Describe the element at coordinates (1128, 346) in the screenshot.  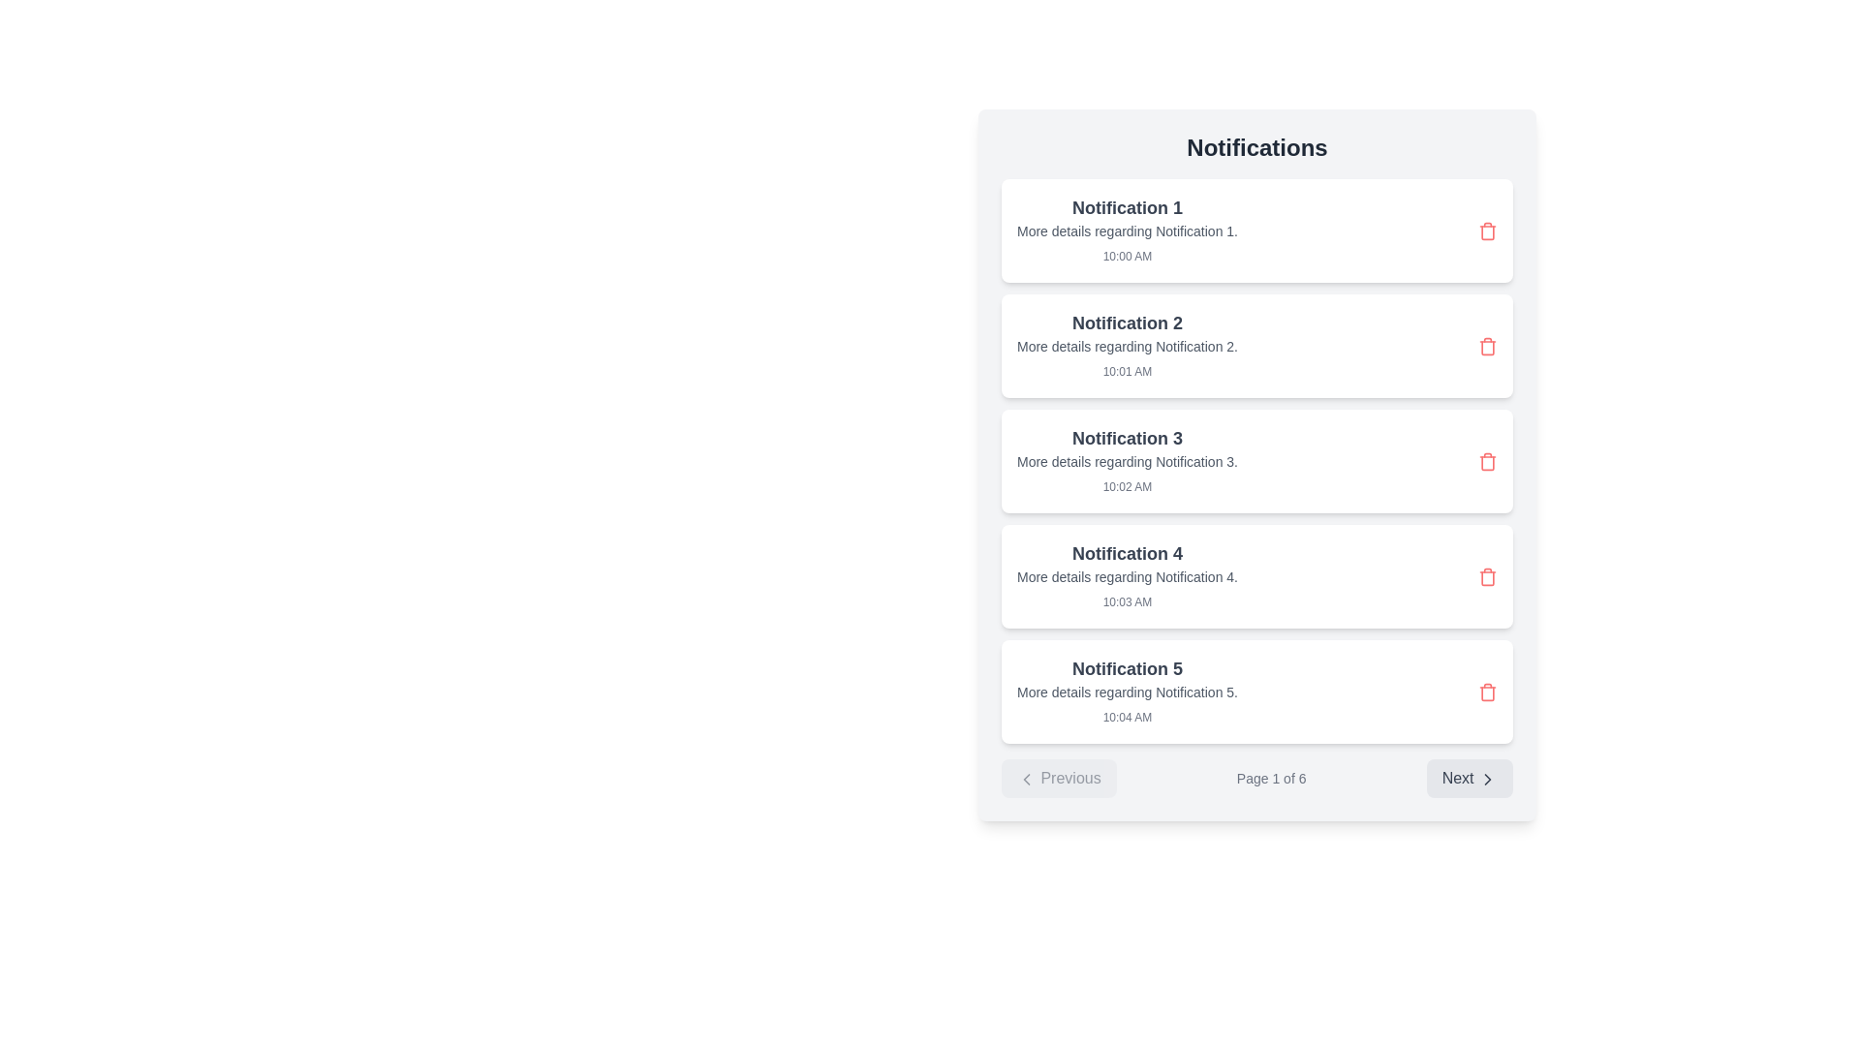
I see `the text label displaying 'More details regarding Notification 2.' located beneath the header 'Notification 2' in the second notification card` at that location.